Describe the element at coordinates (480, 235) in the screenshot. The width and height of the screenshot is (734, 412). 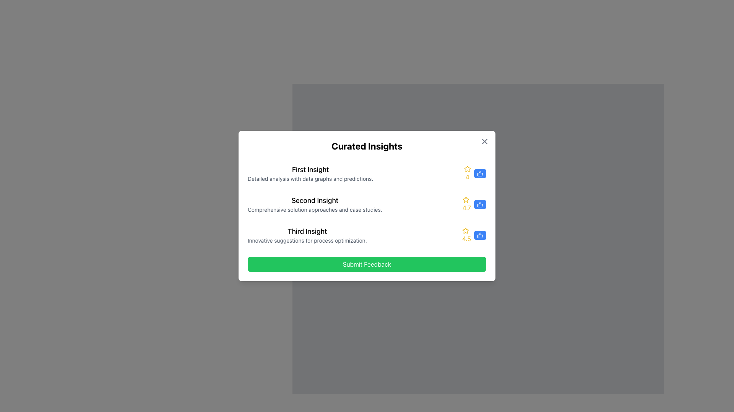
I see `the button with a blue background and white text, containing a thumbs-up icon, to register a like` at that location.